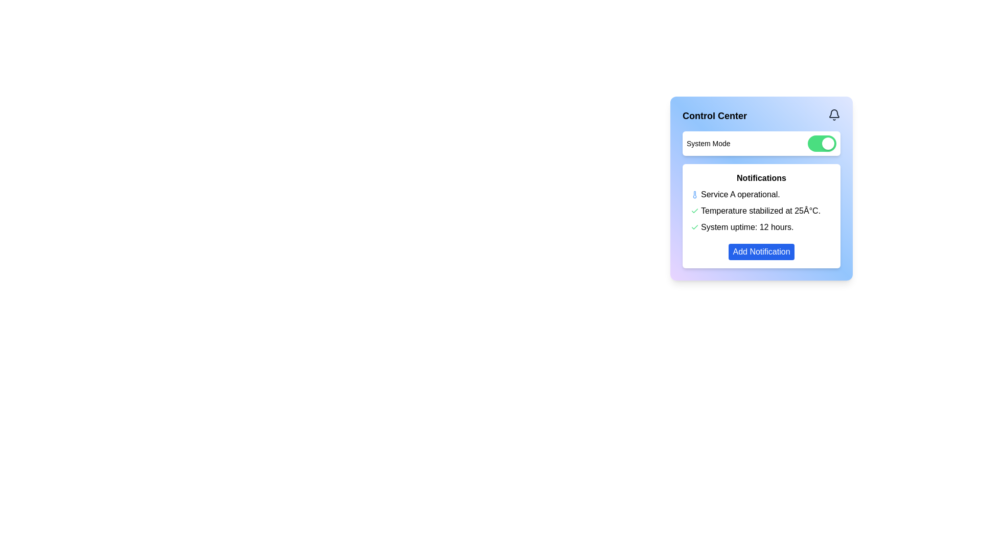  Describe the element at coordinates (761, 144) in the screenshot. I see `the 'System Mode' toggle switch` at that location.